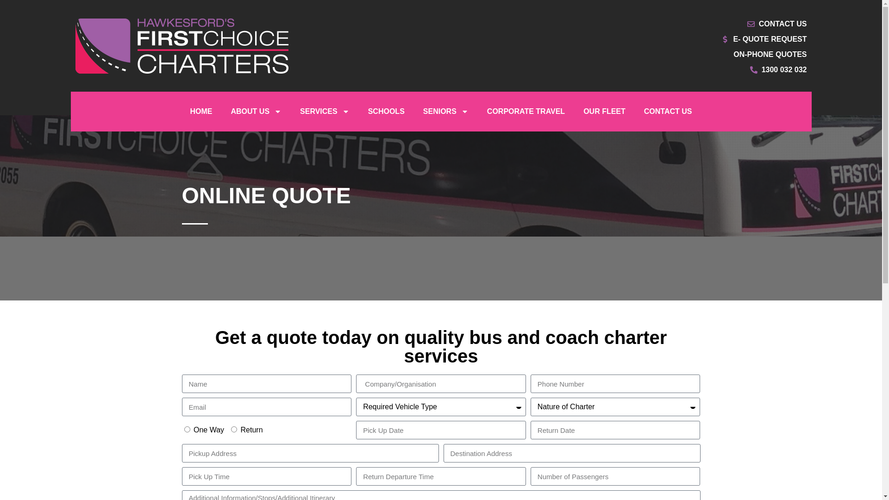  What do you see at coordinates (200, 111) in the screenshot?
I see `'HOME'` at bounding box center [200, 111].